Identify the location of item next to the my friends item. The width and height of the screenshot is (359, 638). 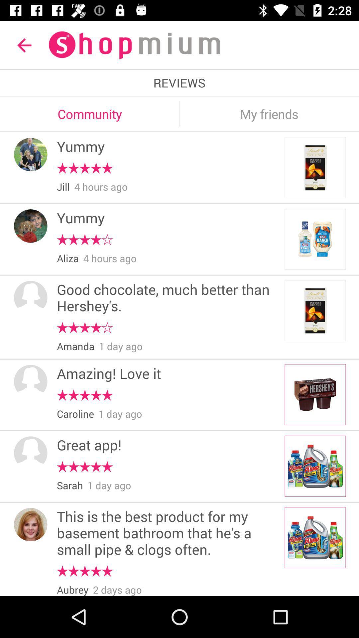
(179, 114).